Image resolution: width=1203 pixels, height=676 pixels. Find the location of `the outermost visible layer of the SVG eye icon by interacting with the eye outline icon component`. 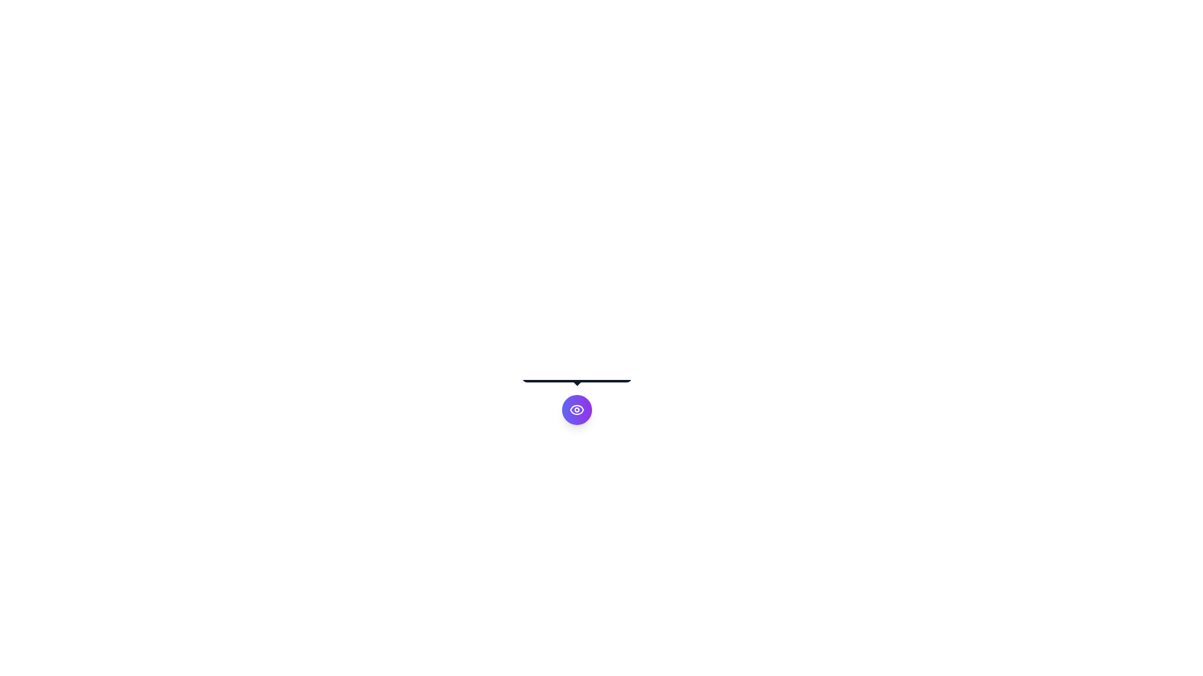

the outermost visible layer of the SVG eye icon by interacting with the eye outline icon component is located at coordinates (576, 410).